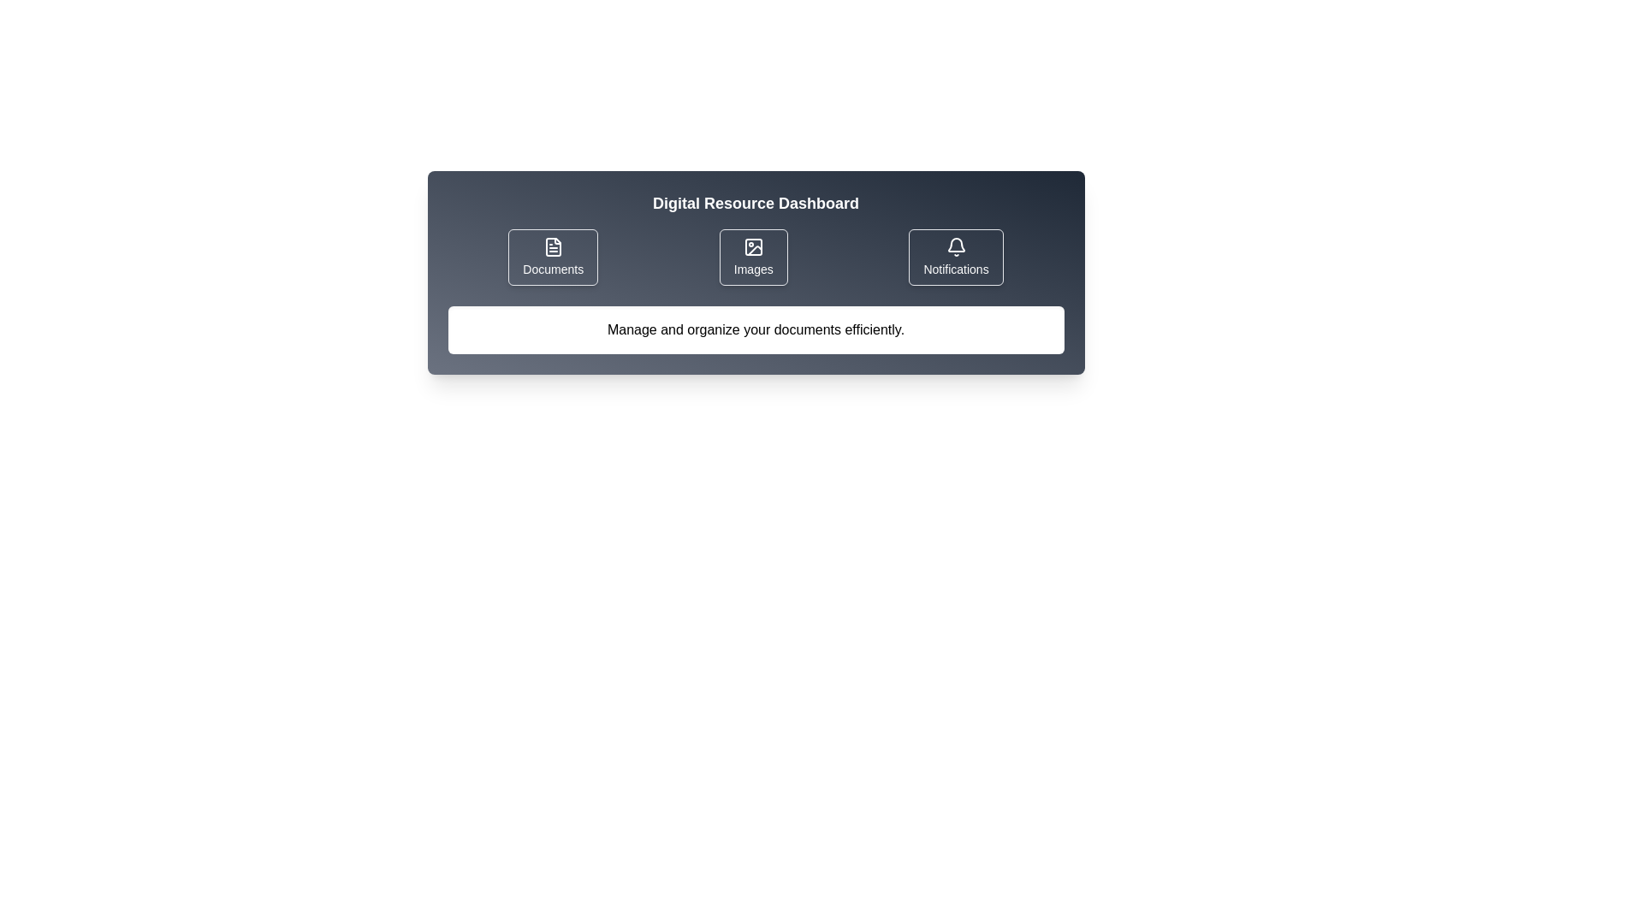 Image resolution: width=1643 pixels, height=924 pixels. Describe the element at coordinates (553, 257) in the screenshot. I see `the Documents tab by clicking on its corresponding button` at that location.